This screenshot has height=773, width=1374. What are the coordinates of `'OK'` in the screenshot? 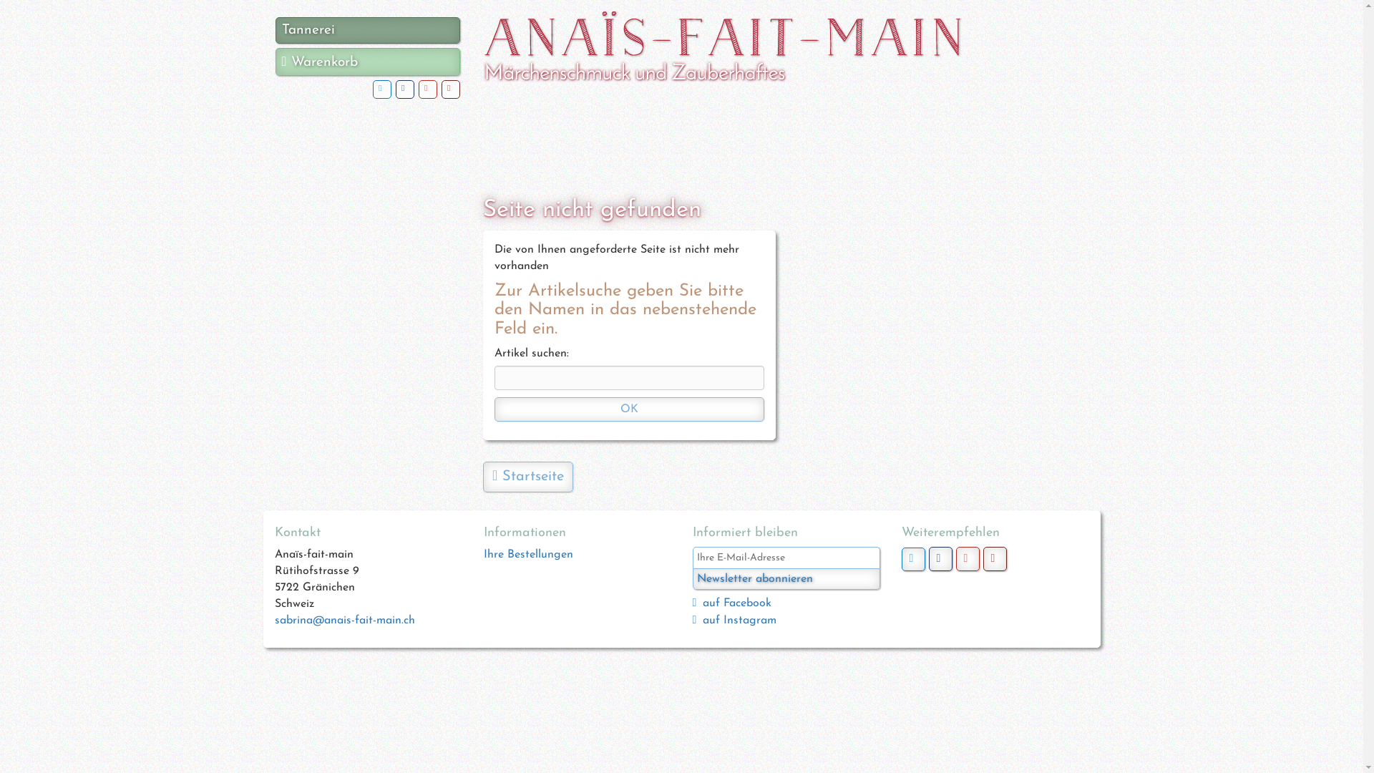 It's located at (629, 409).